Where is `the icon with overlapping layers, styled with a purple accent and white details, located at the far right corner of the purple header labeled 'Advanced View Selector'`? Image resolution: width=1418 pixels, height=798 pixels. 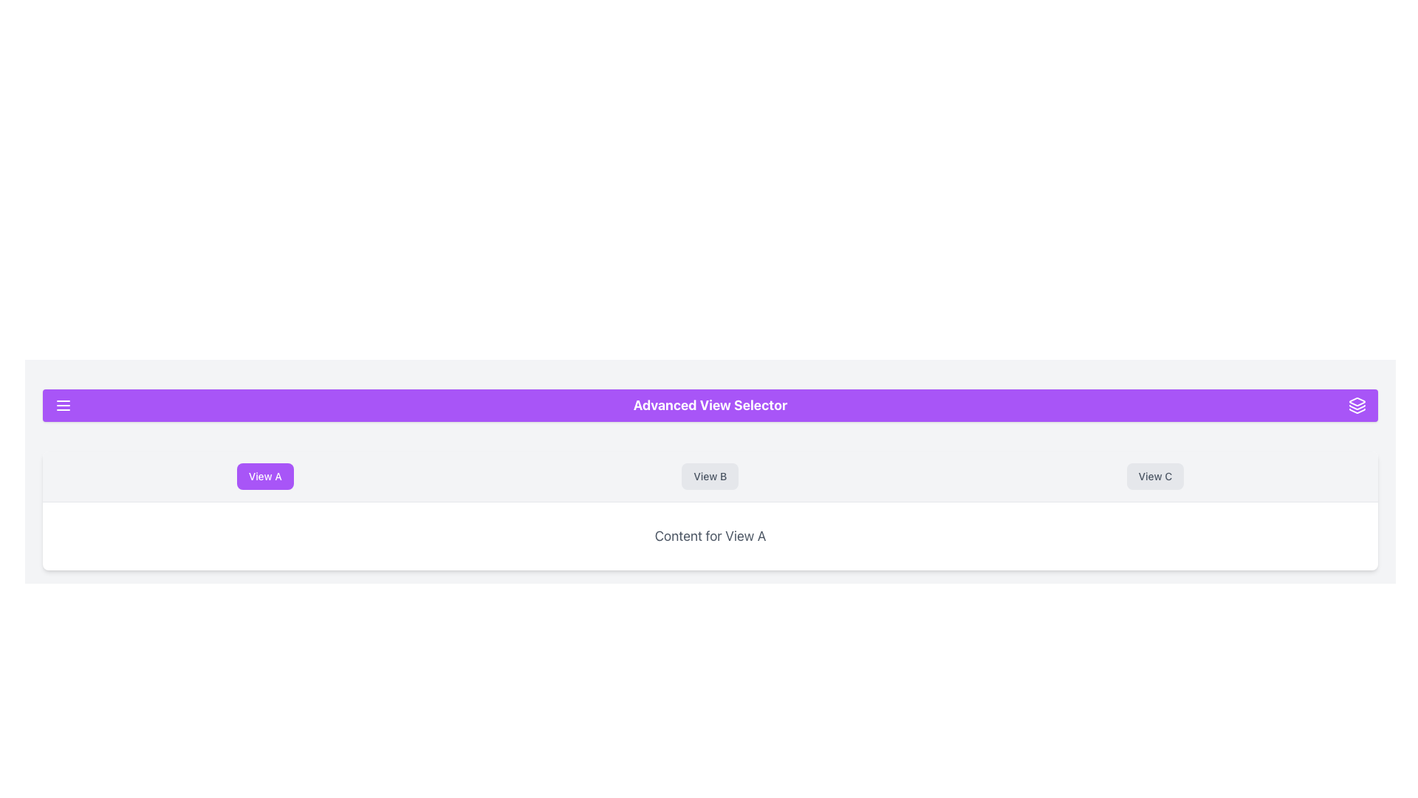 the icon with overlapping layers, styled with a purple accent and white details, located at the far right corner of the purple header labeled 'Advanced View Selector' is located at coordinates (1357, 405).